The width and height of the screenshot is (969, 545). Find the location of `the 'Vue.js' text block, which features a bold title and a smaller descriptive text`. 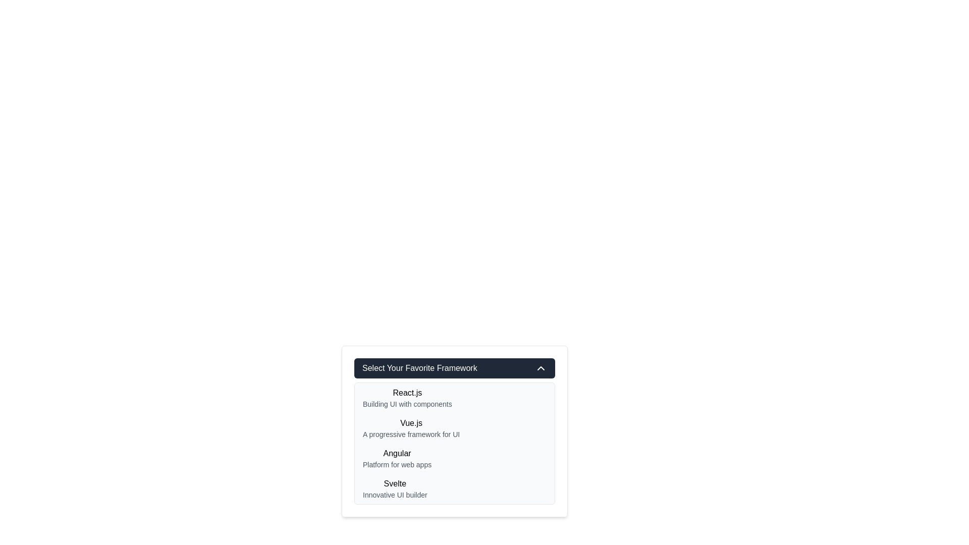

the 'Vue.js' text block, which features a bold title and a smaller descriptive text is located at coordinates (454, 428).